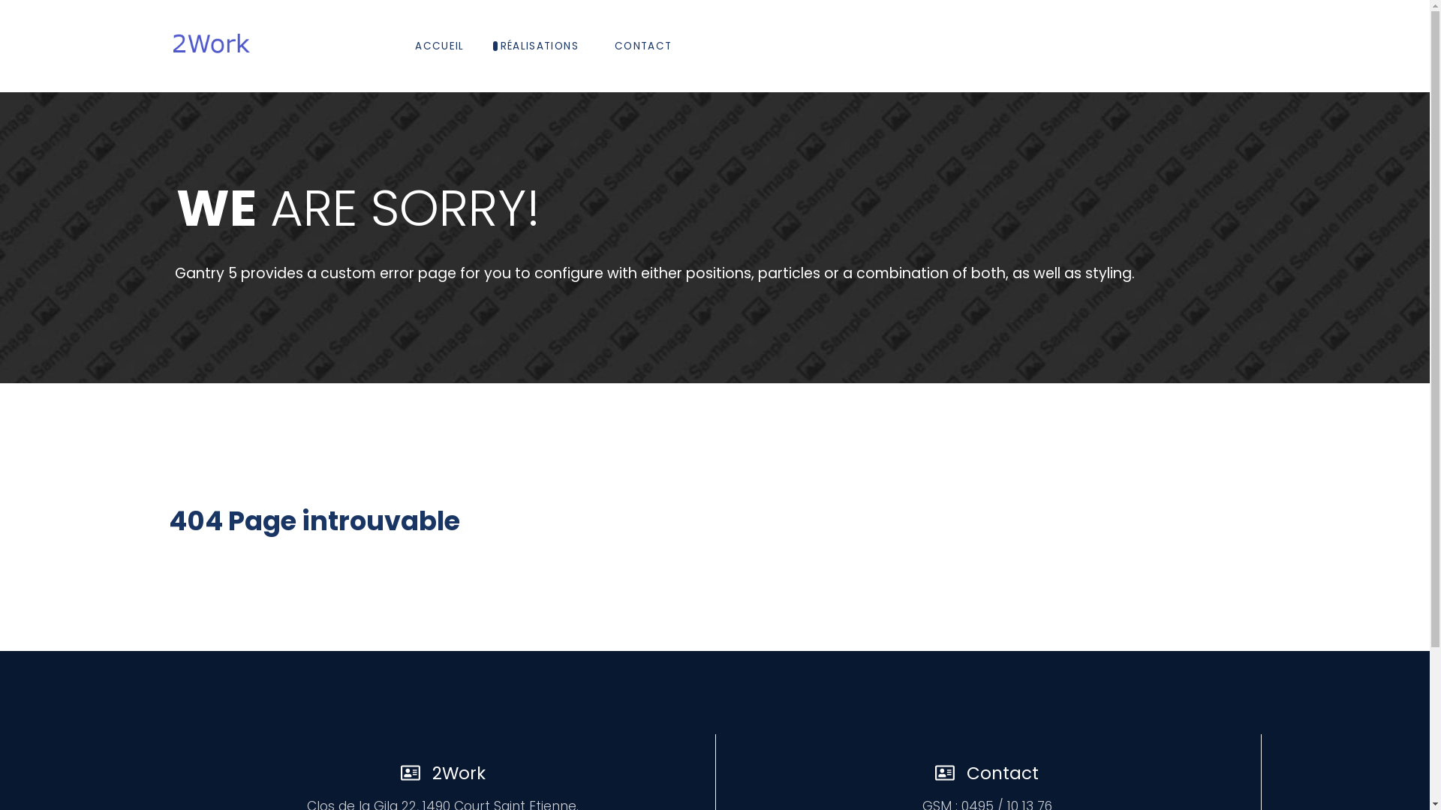  Describe the element at coordinates (208, 45) in the screenshot. I see `'2Work'` at that location.